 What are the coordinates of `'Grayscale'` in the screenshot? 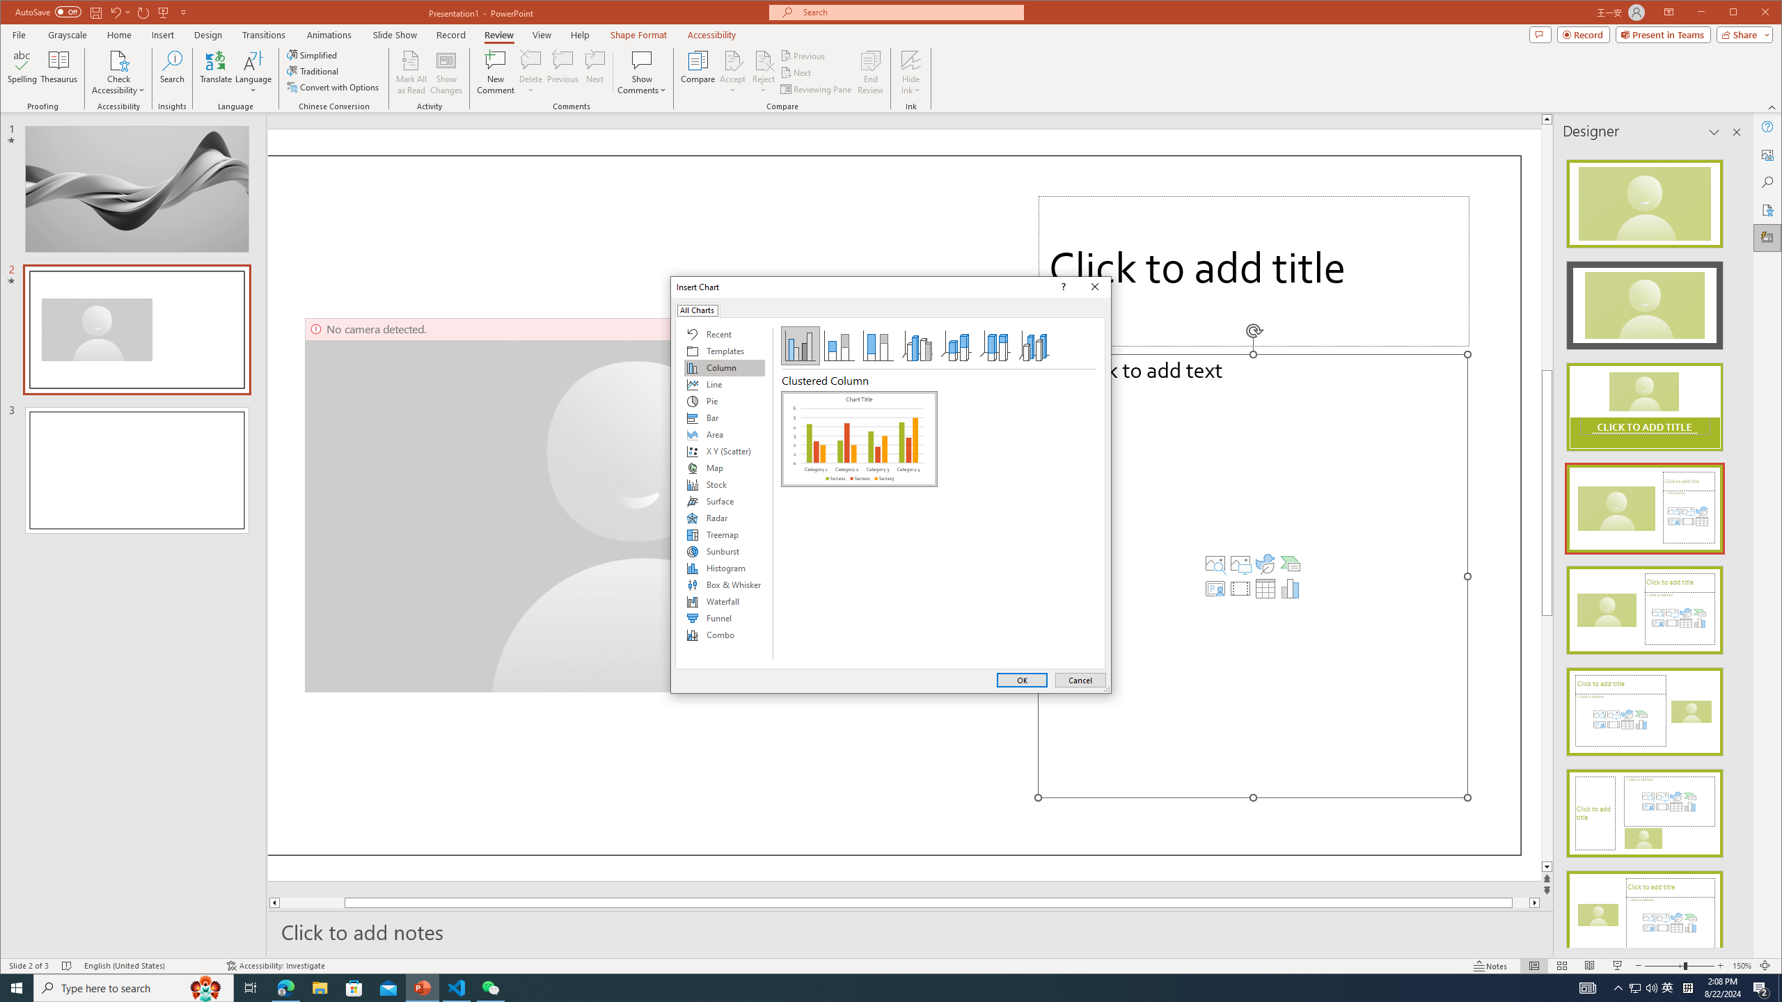 It's located at (68, 34).